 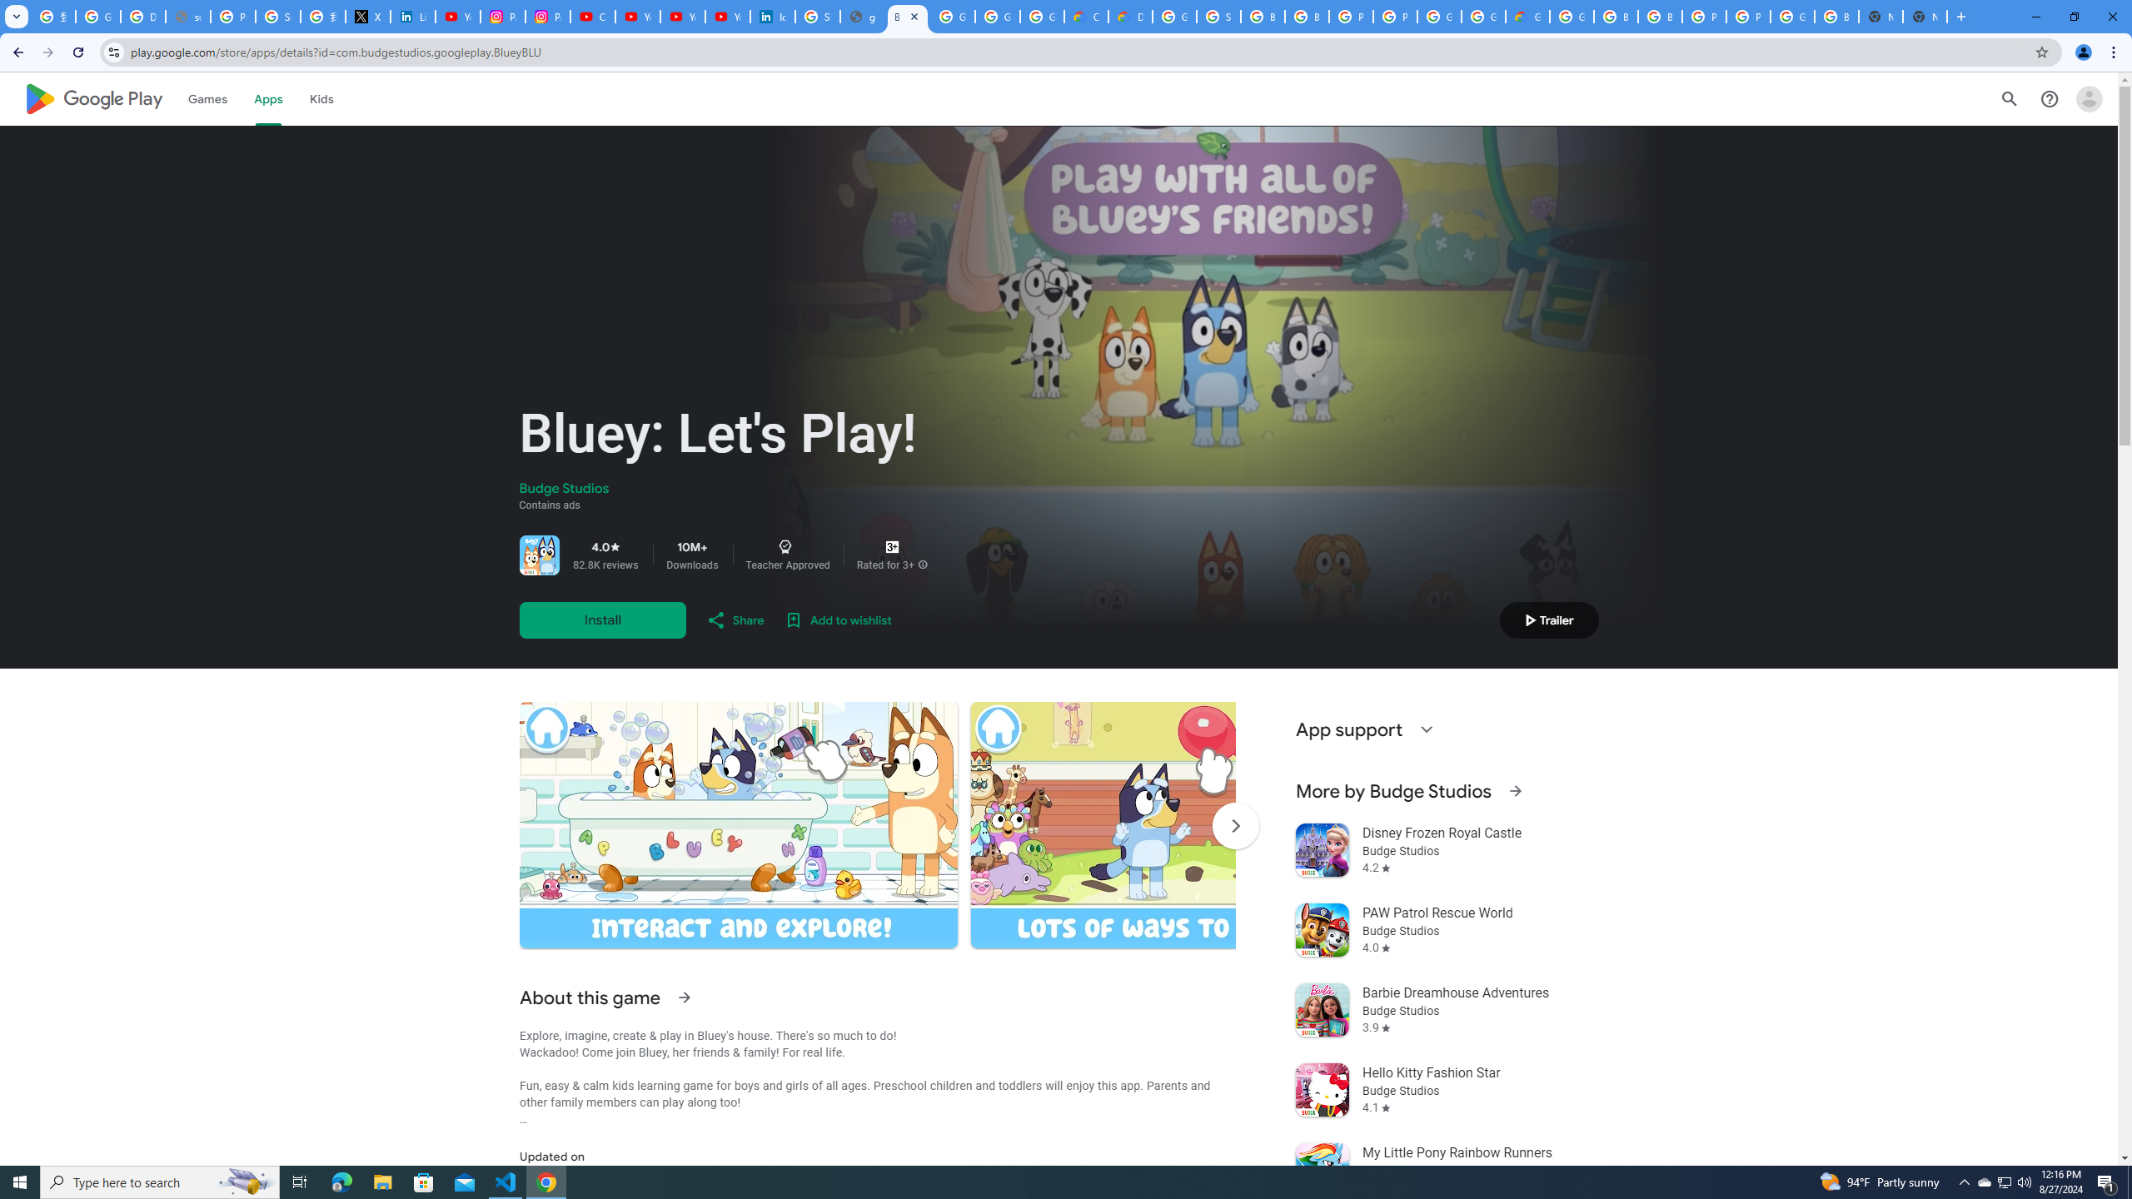 What do you see at coordinates (187, 16) in the screenshot?
I see `'support.google.com - Network error'` at bounding box center [187, 16].